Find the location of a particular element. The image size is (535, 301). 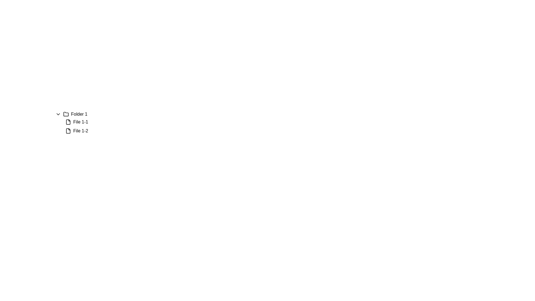

the folder icon with a minimalistic design that has rounded corners and is positioned to the left of the 'Folder 1' label is located at coordinates (66, 114).